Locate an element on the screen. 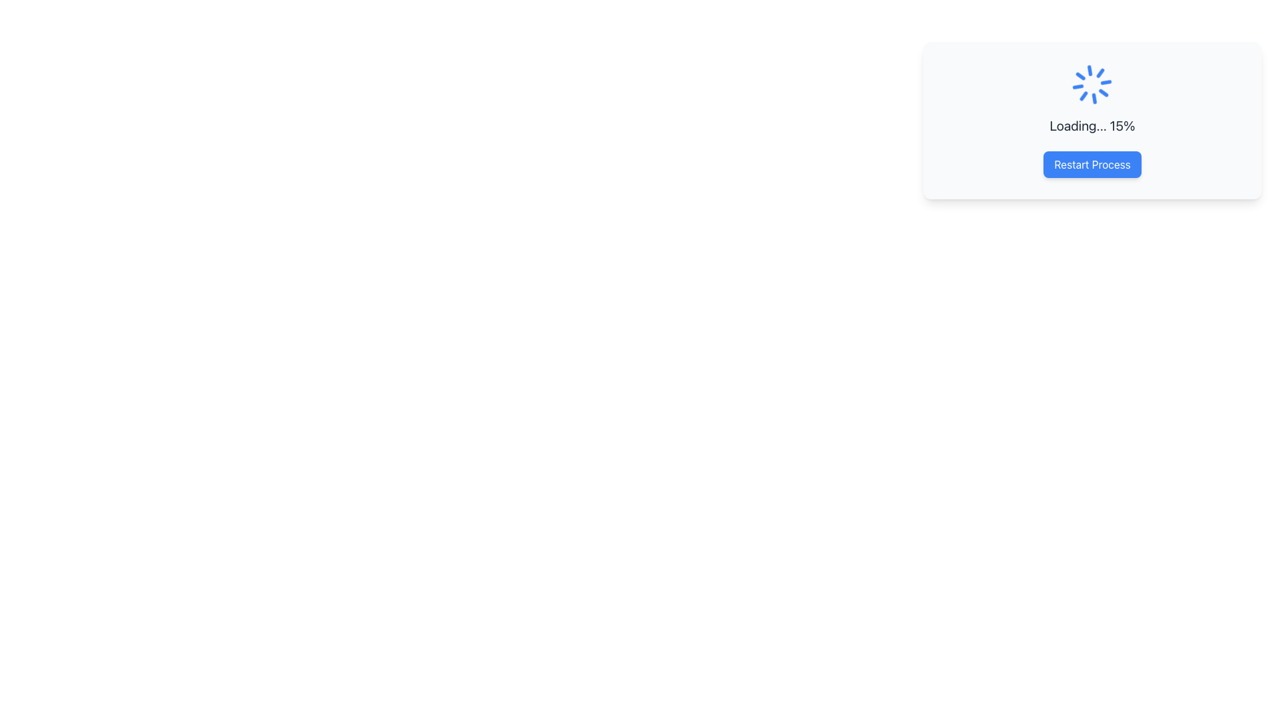 The height and width of the screenshot is (720, 1281). the text label displaying 'Loading... 5%' which is centrally aligned within its panel and has a large text size is located at coordinates (1092, 126).